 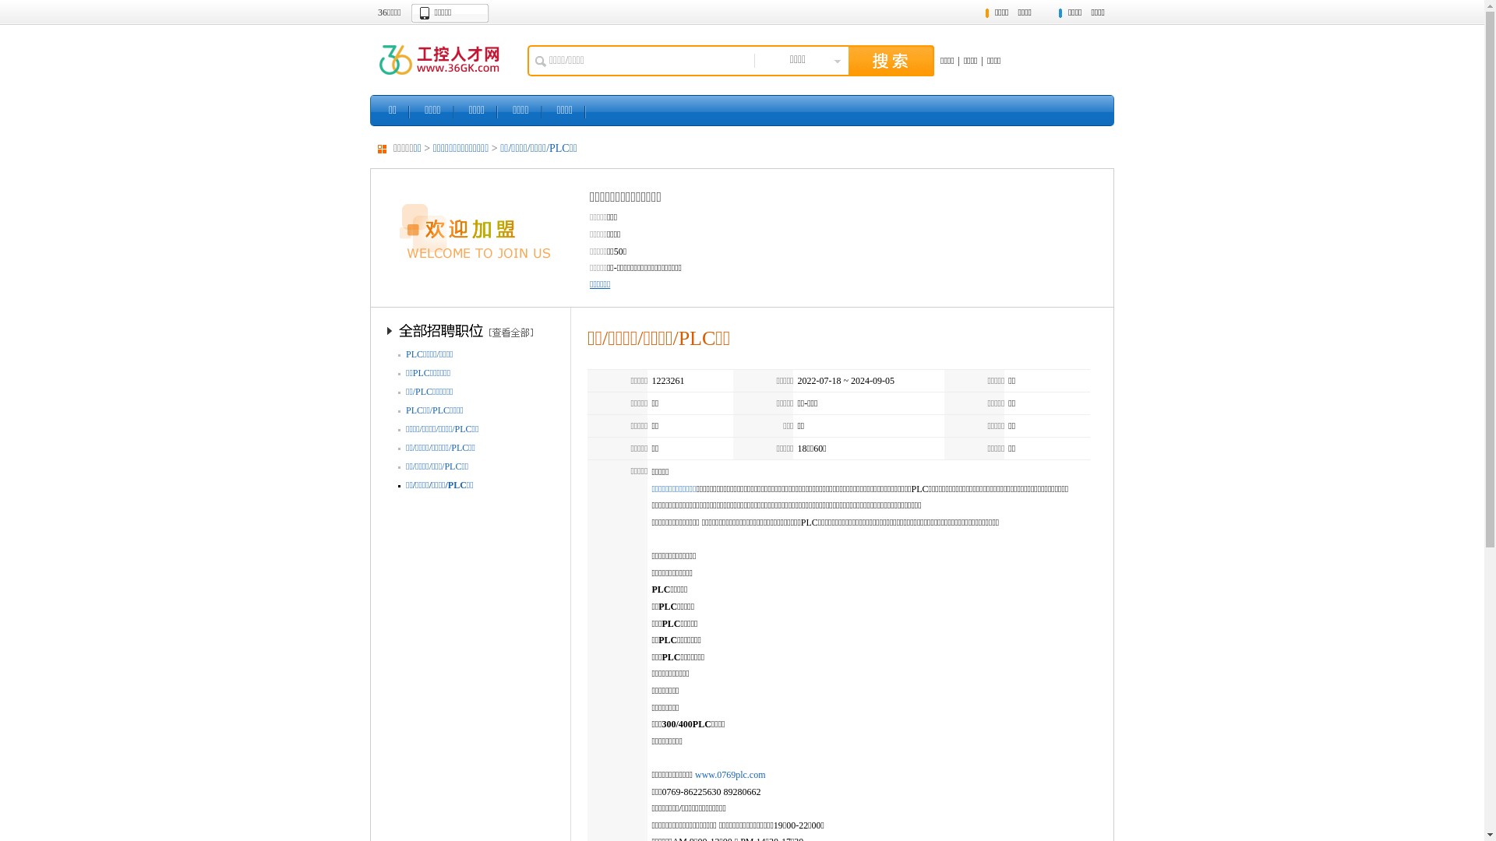 I want to click on 'www.0769plc.com', so click(x=729, y=775).